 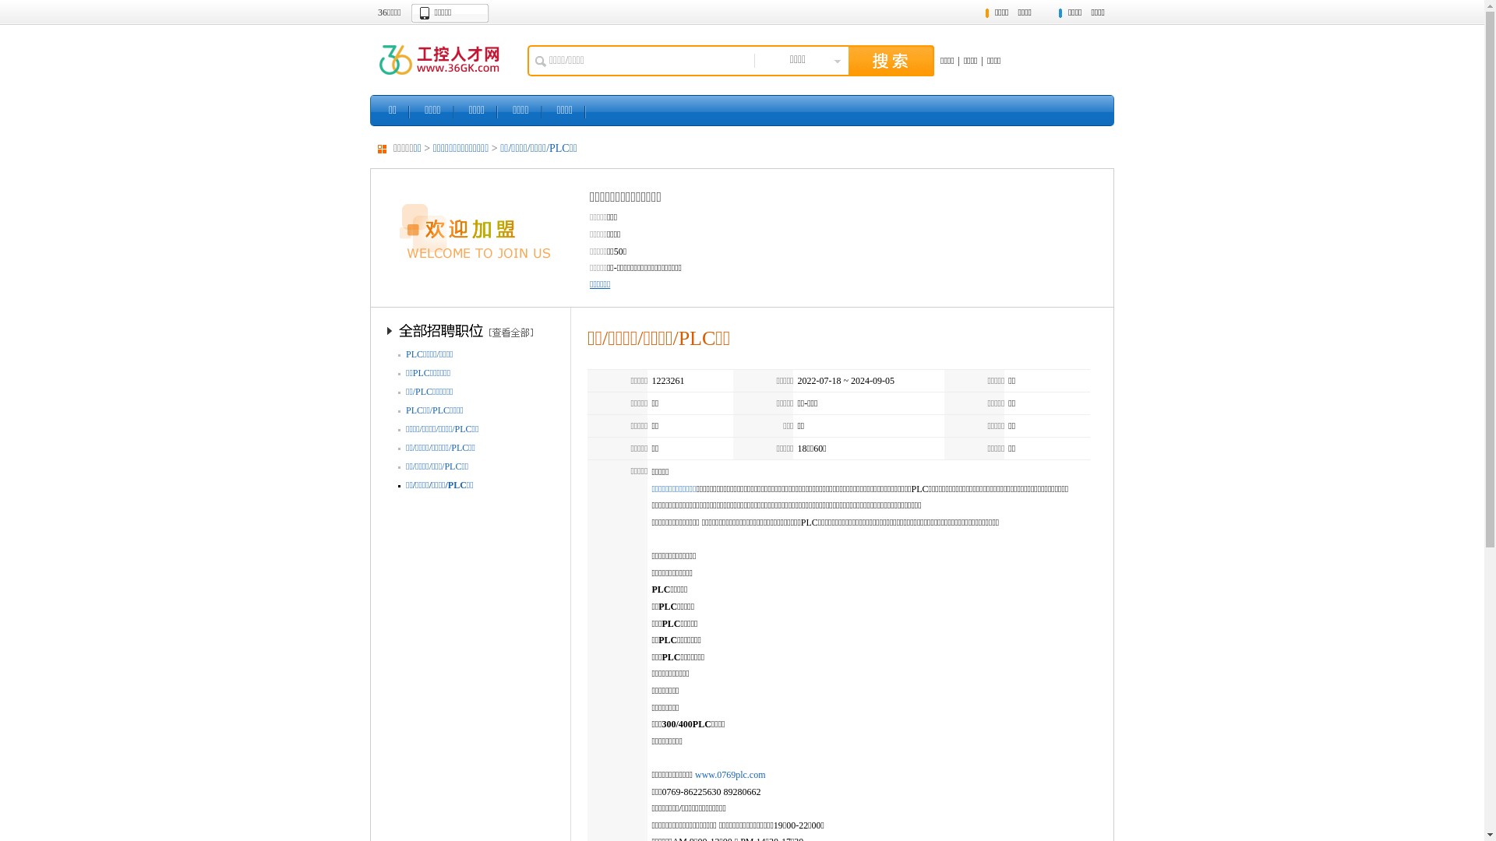 I want to click on 'www.0769plc.com', so click(x=729, y=775).